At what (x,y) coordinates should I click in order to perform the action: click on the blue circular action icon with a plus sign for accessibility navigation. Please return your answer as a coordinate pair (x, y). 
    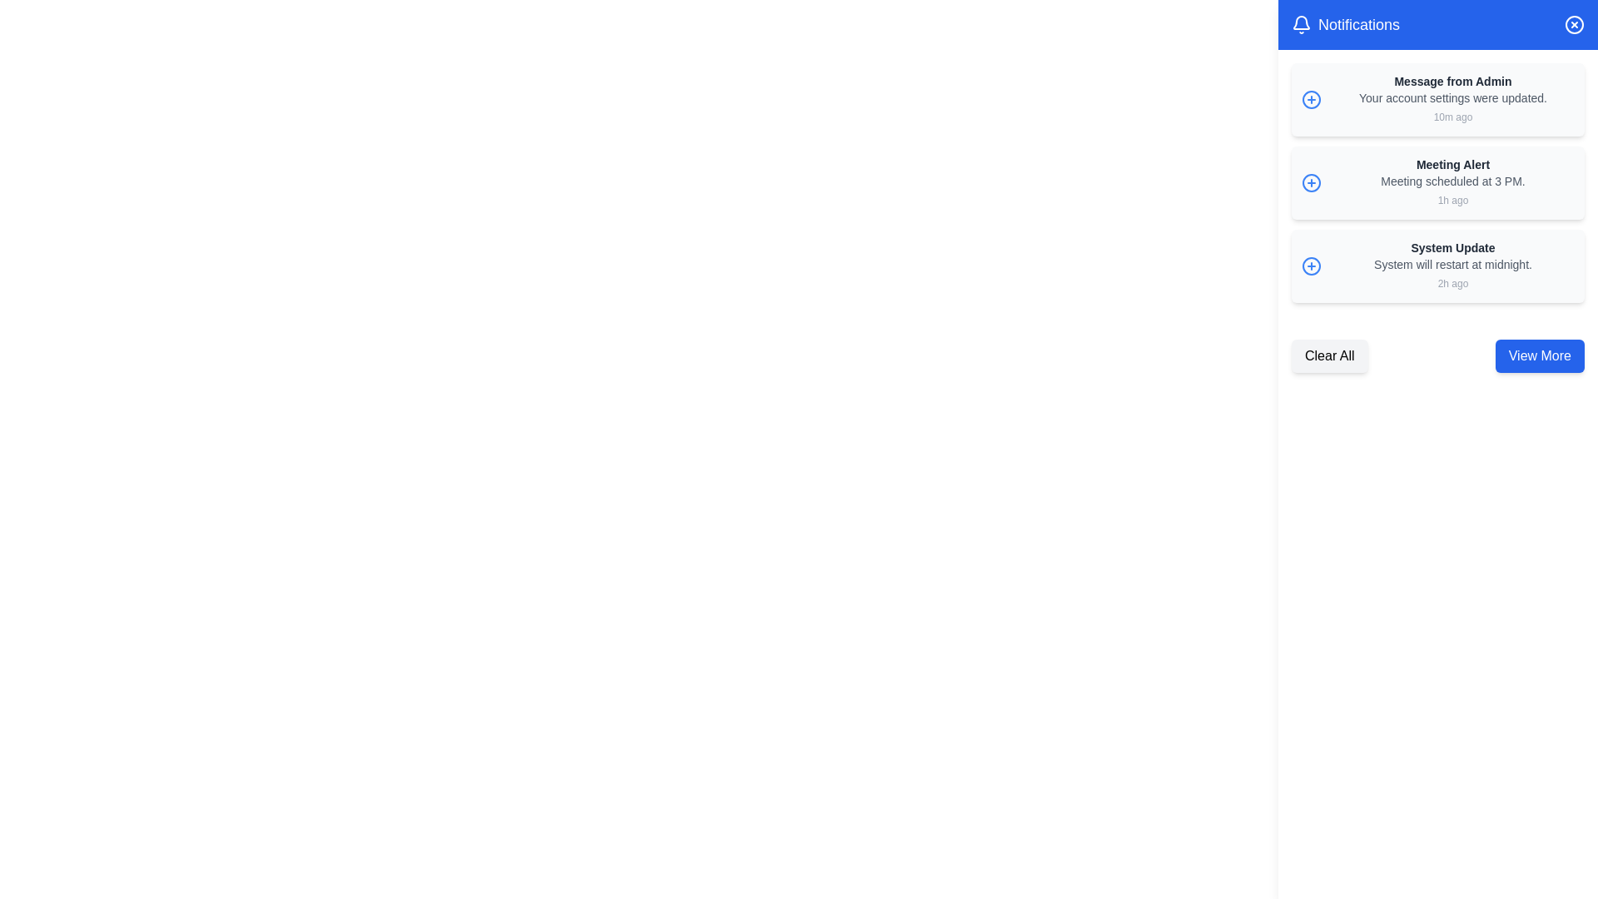
    Looking at the image, I should click on (1310, 182).